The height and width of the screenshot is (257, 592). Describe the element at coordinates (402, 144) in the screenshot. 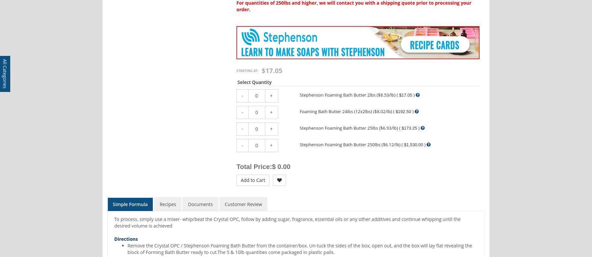

I see `'$1,530.00'` at that location.